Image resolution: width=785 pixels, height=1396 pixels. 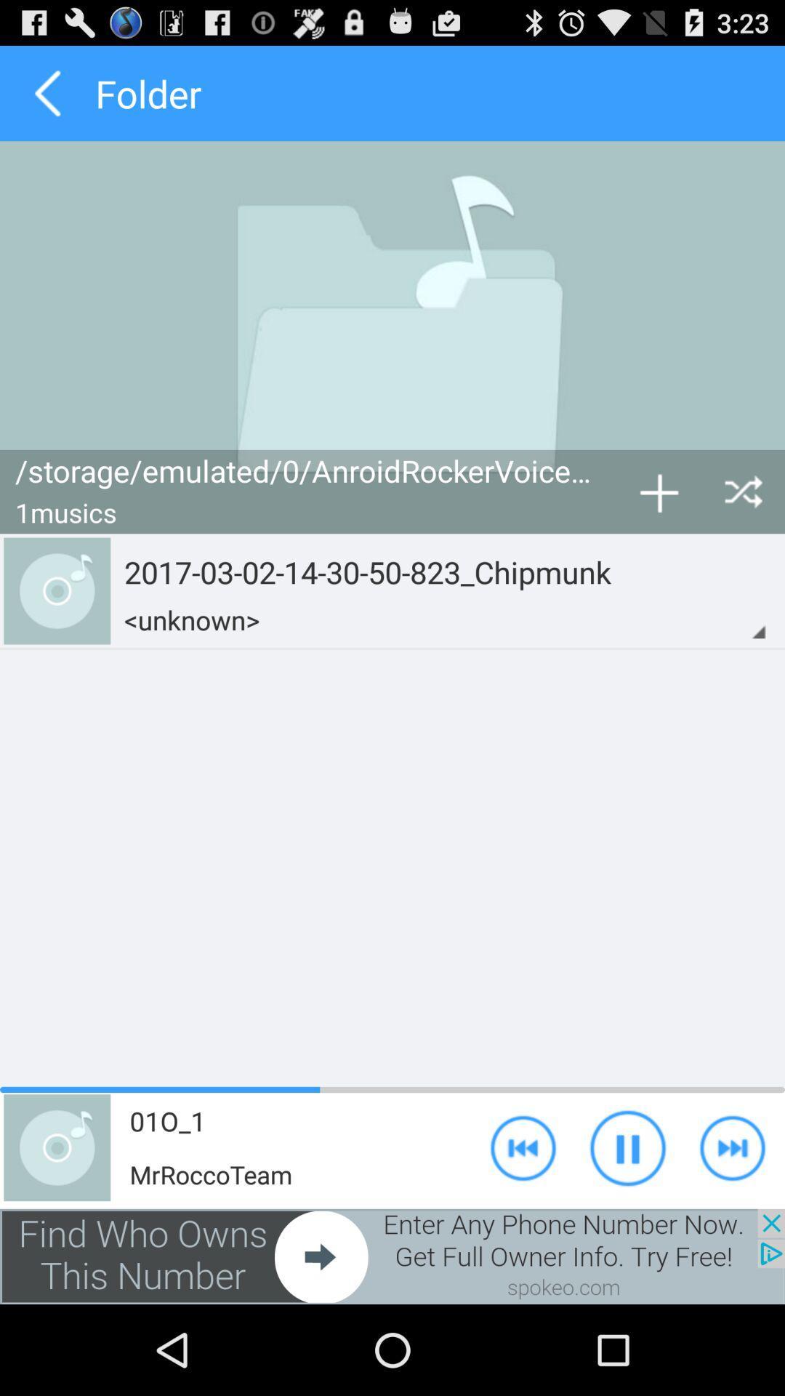 What do you see at coordinates (732, 1147) in the screenshot?
I see `on` at bounding box center [732, 1147].